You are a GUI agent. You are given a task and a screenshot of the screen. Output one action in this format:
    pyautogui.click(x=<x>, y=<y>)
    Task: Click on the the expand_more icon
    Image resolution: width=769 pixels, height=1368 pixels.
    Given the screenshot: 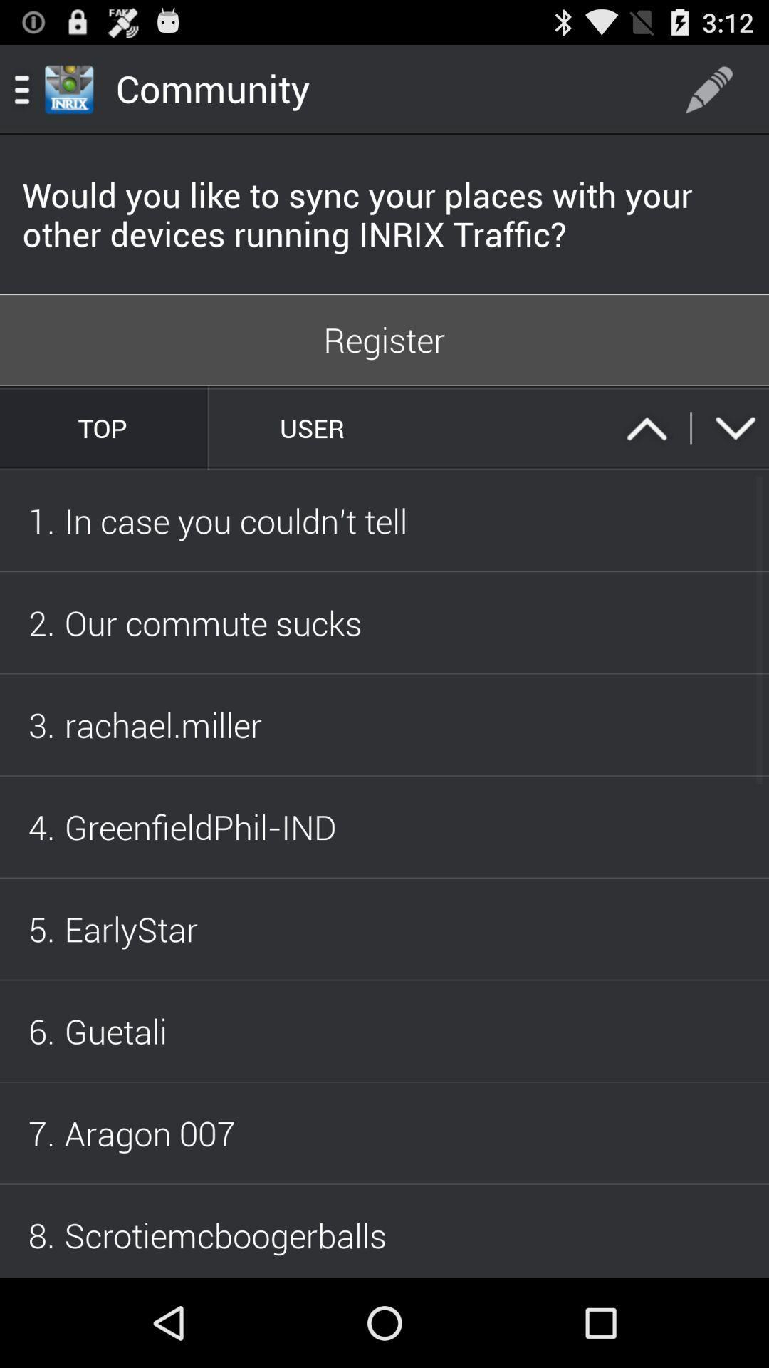 What is the action you would take?
    pyautogui.click(x=735, y=458)
    